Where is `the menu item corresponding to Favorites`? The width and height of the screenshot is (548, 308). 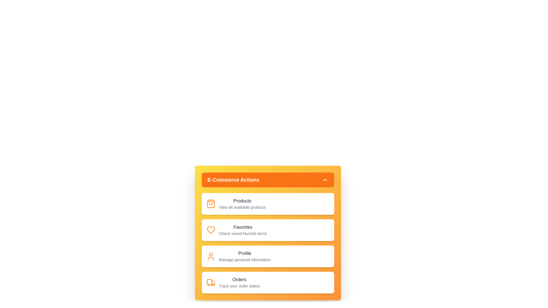
the menu item corresponding to Favorites is located at coordinates (268, 230).